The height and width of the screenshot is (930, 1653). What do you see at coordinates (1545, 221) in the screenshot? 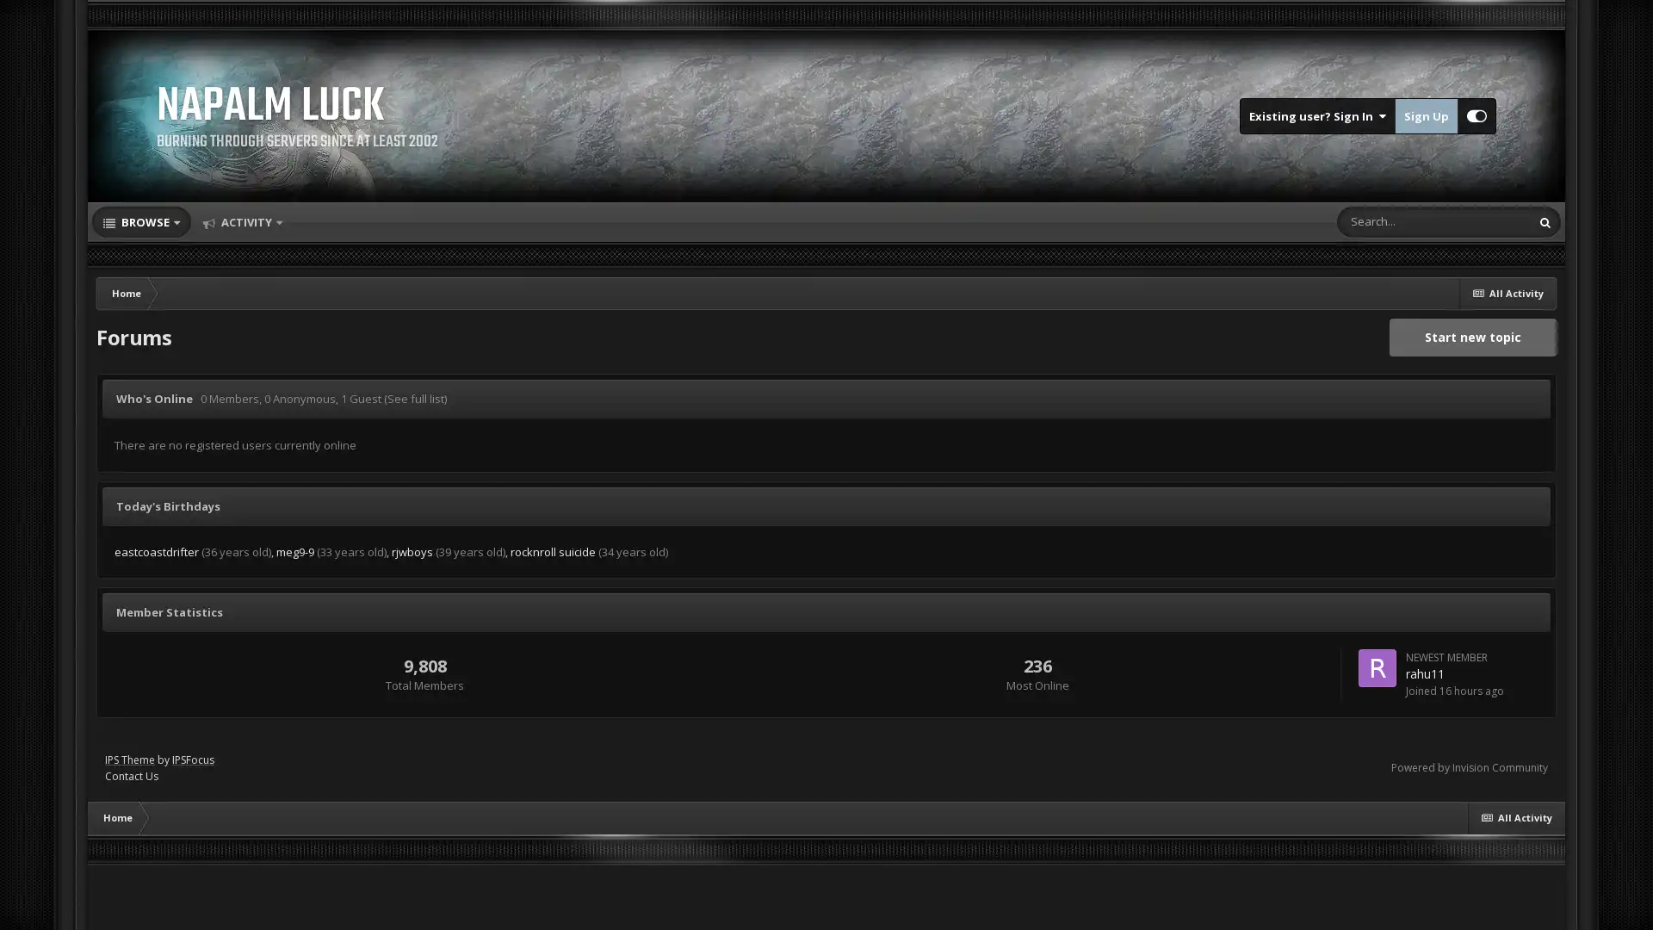
I see `Search` at bounding box center [1545, 221].